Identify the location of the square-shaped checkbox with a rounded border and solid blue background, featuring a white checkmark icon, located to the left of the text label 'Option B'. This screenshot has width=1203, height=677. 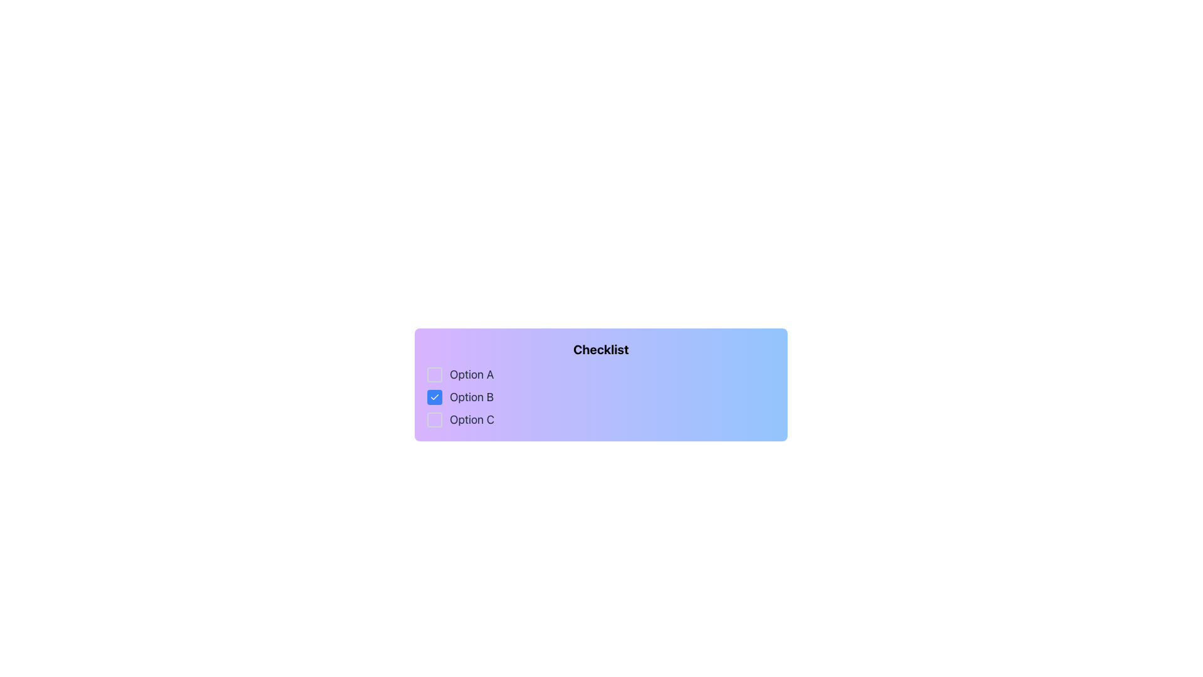
(435, 397).